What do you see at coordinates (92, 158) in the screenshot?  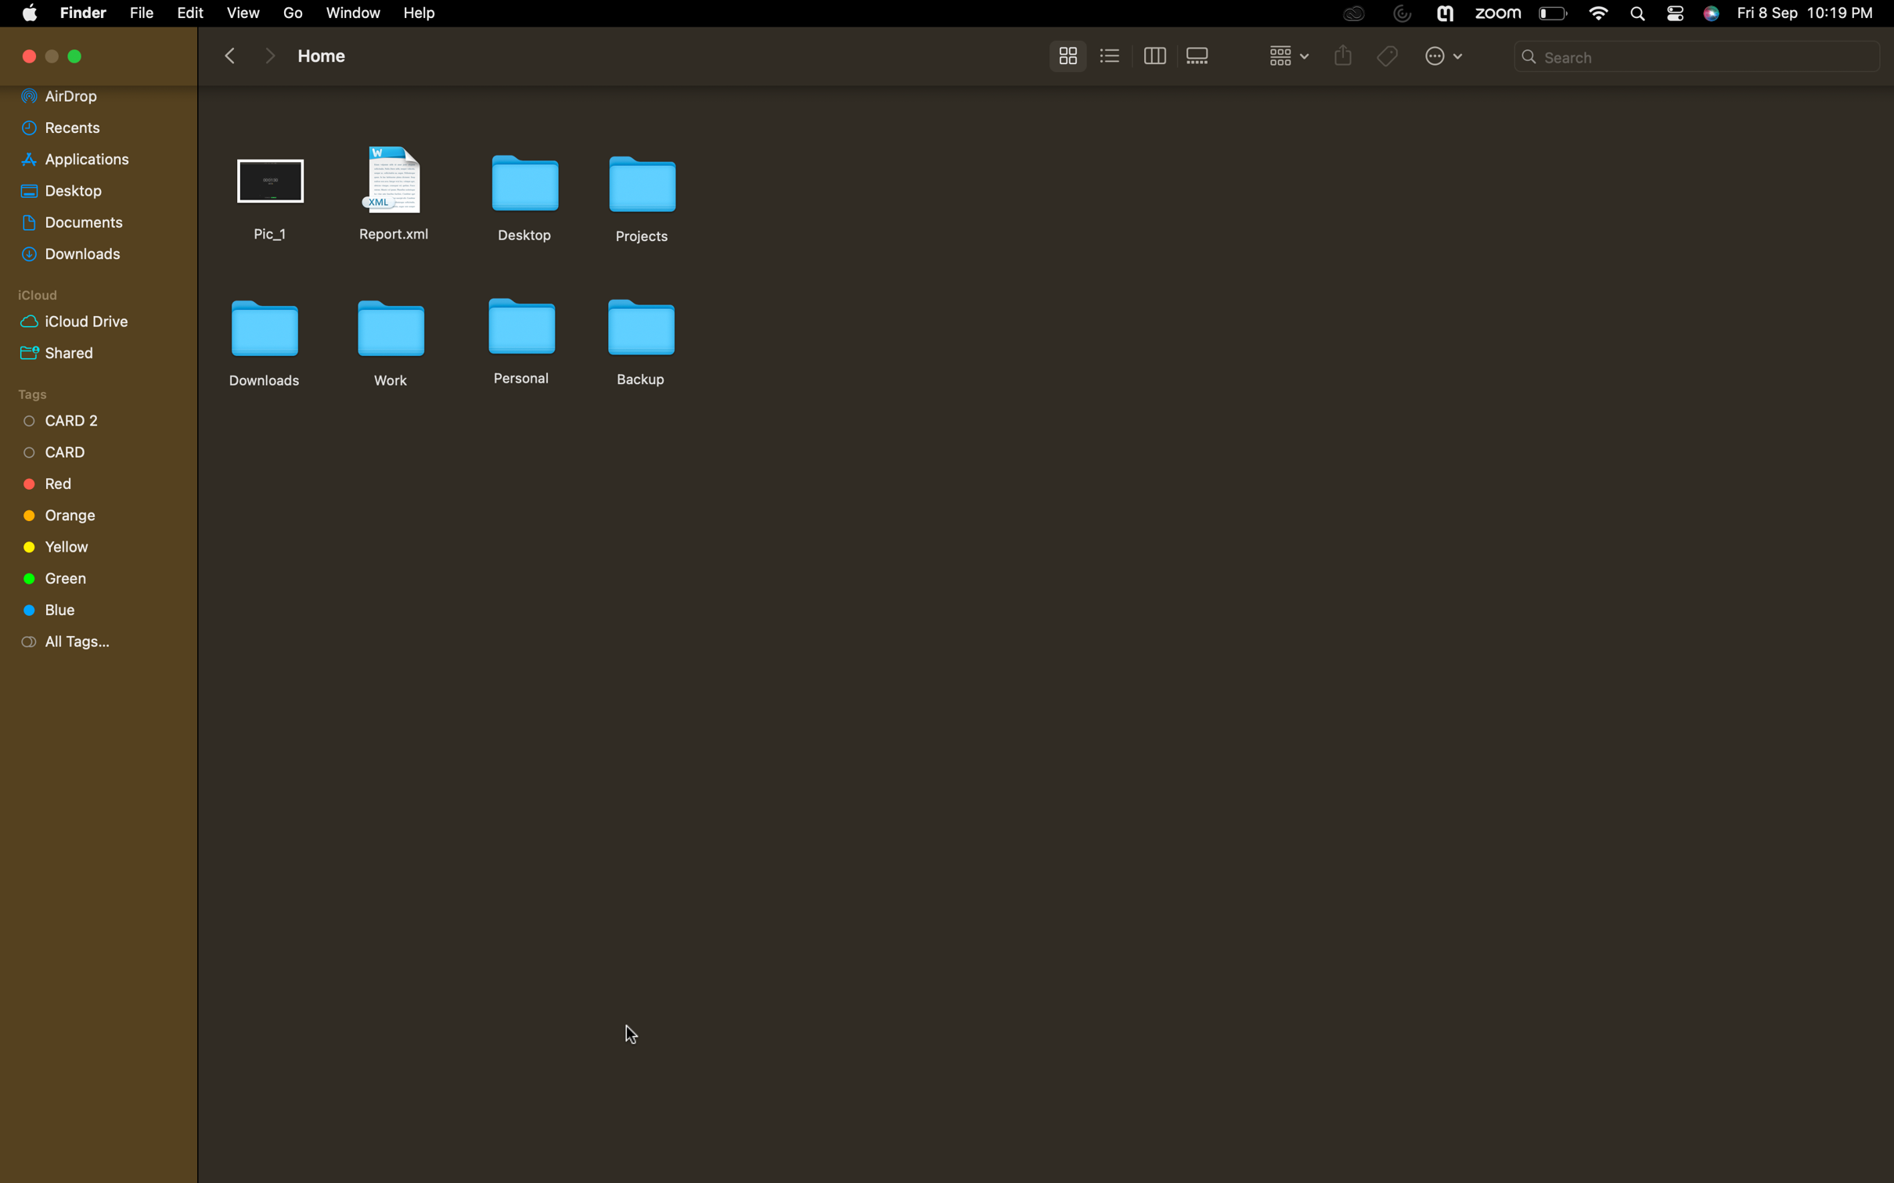 I see `the "applications" folder and scroll to its end` at bounding box center [92, 158].